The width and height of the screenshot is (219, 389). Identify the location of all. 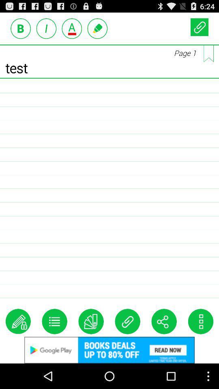
(208, 53).